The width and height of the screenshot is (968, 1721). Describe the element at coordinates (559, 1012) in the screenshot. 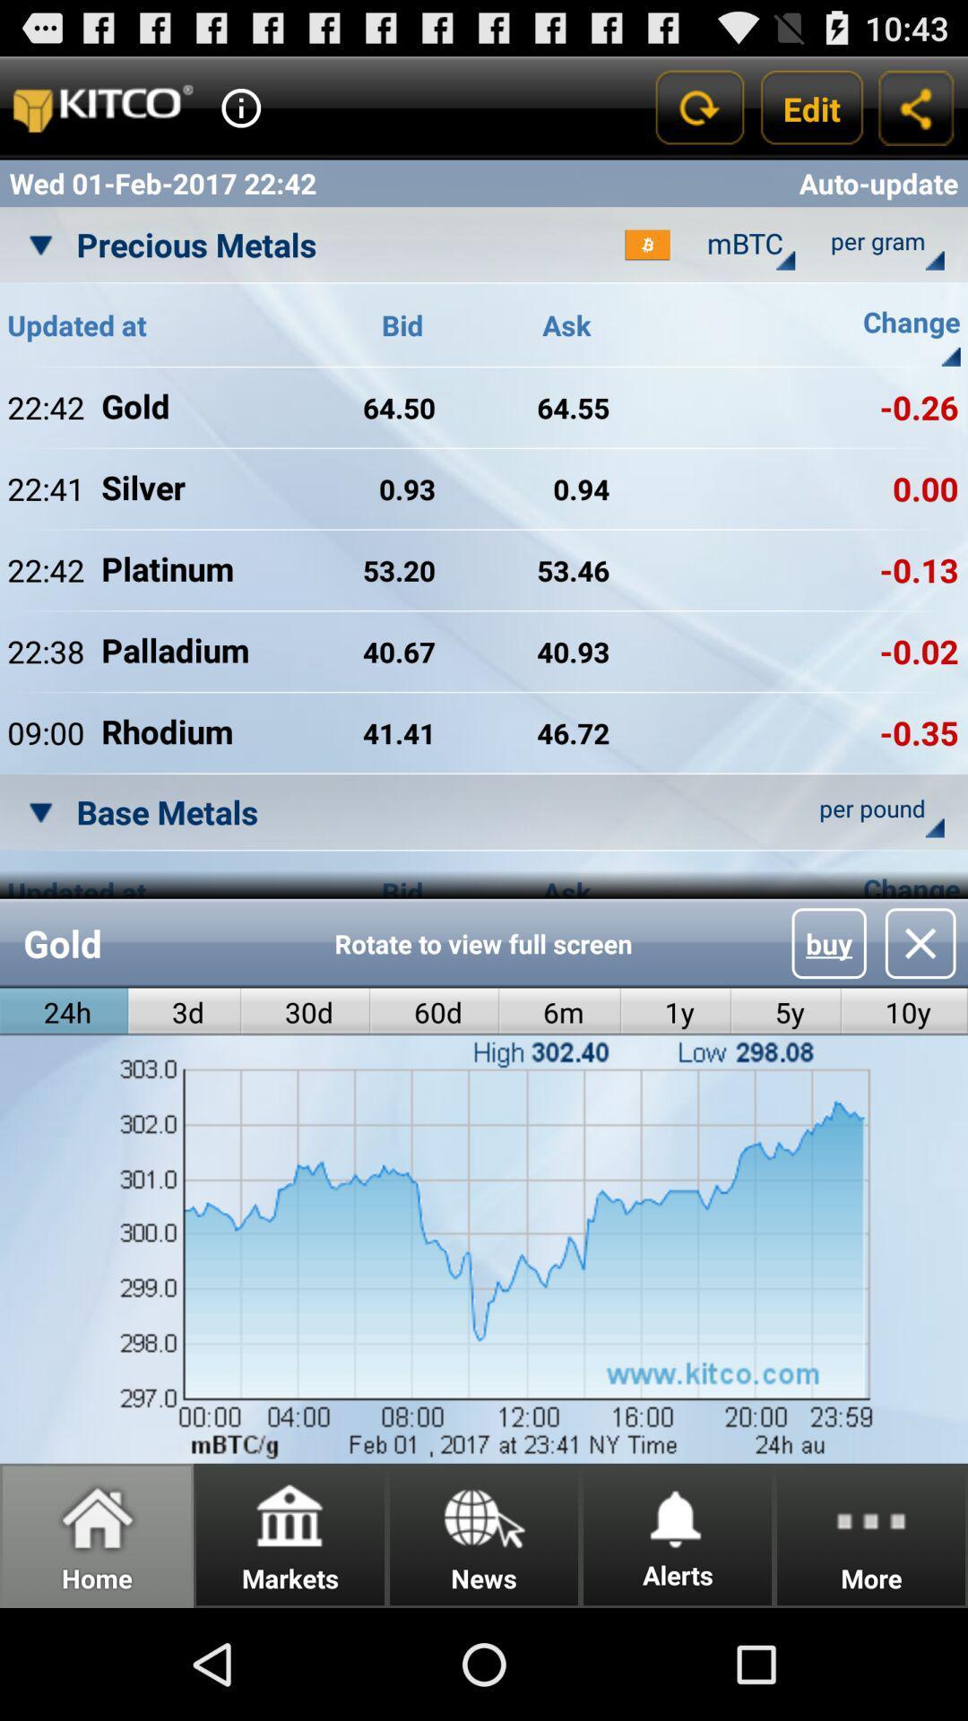

I see `icon next to 1y icon` at that location.